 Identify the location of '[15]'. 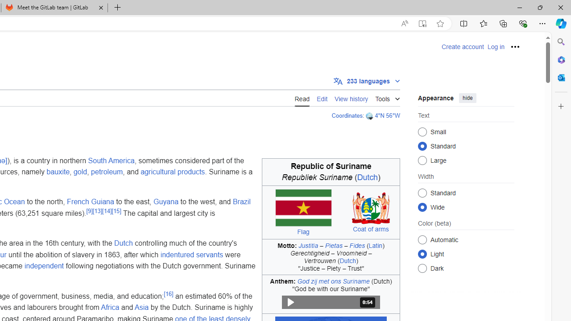
(116, 211).